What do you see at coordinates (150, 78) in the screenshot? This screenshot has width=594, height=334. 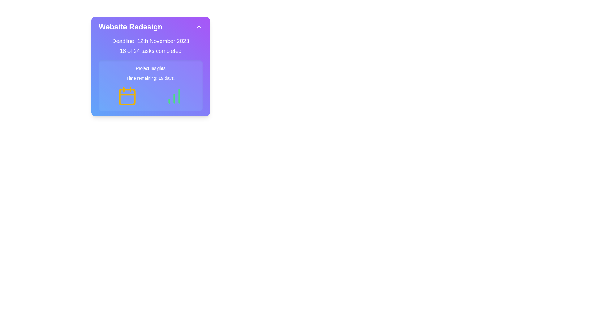 I see `the text label displaying 'Time remaining: 15 days.' which is located in the 'Project Insights' section, positioned centrally below the section header` at bounding box center [150, 78].